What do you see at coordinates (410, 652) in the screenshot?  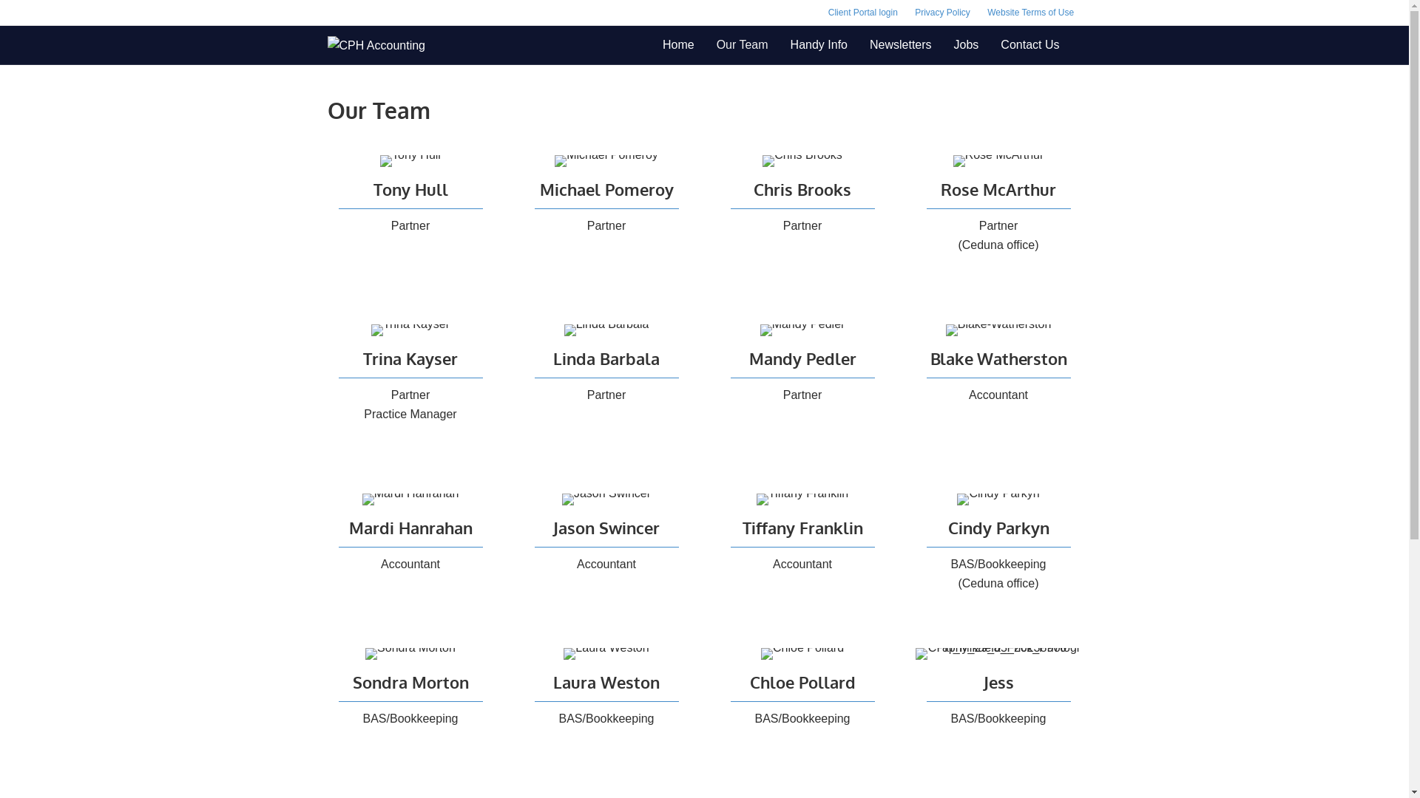 I see `'Sondra-Morton'` at bounding box center [410, 652].